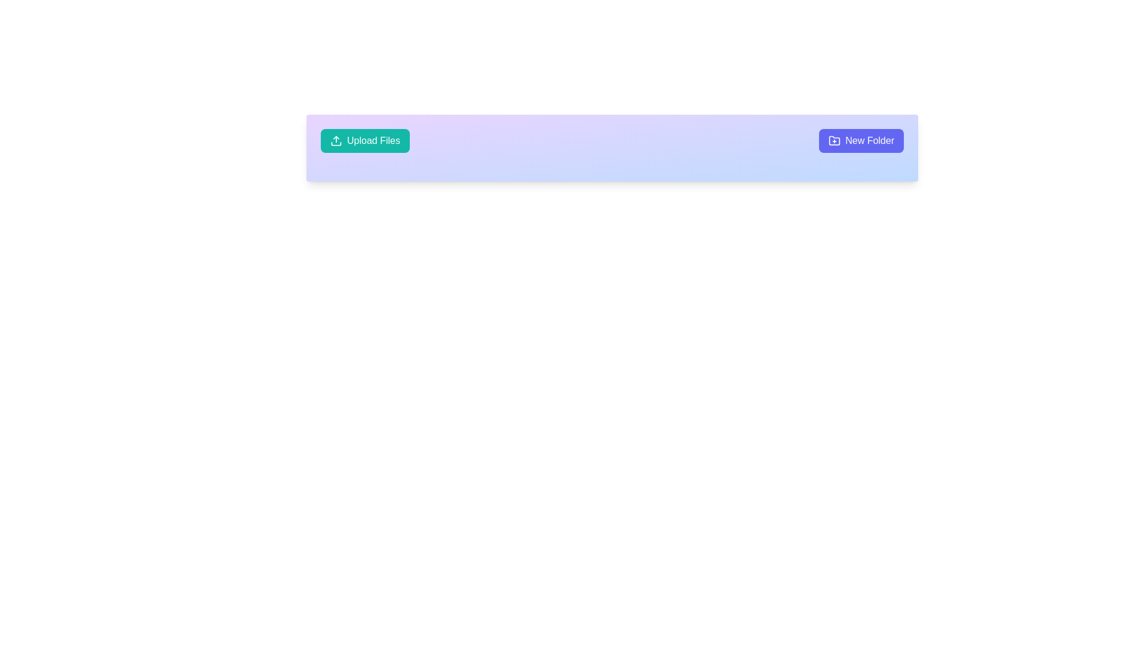 The width and height of the screenshot is (1147, 645). I want to click on the upload icon, which is a small teal icon with an upward arrow within a semi-circle, located to the left of the 'Upload Files' button on the toolbar, so click(335, 140).